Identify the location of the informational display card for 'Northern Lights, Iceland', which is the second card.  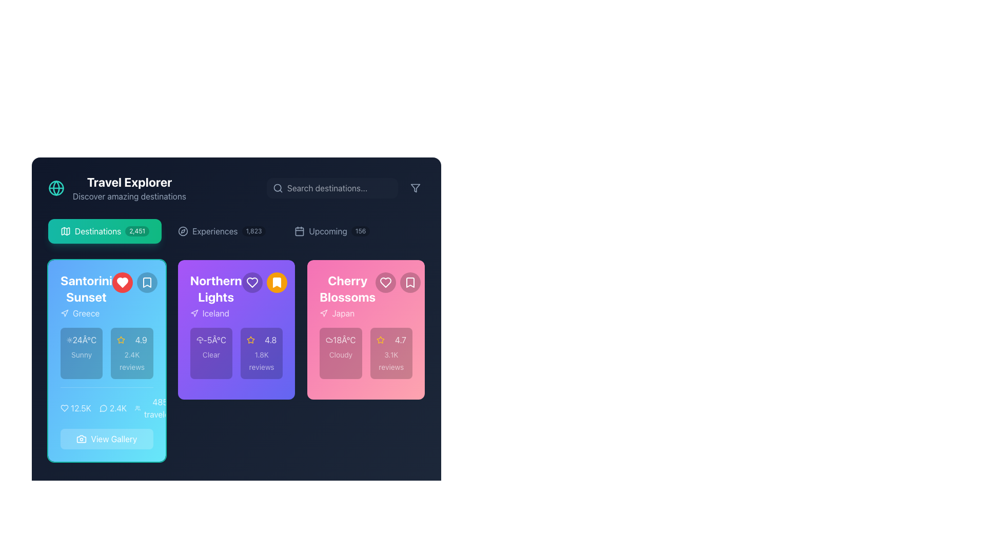
(235, 360).